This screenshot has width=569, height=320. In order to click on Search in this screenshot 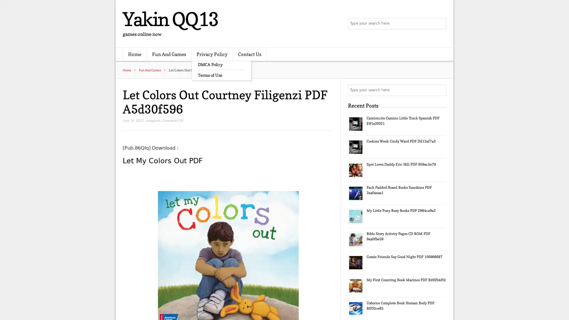, I will do `click(440, 90)`.